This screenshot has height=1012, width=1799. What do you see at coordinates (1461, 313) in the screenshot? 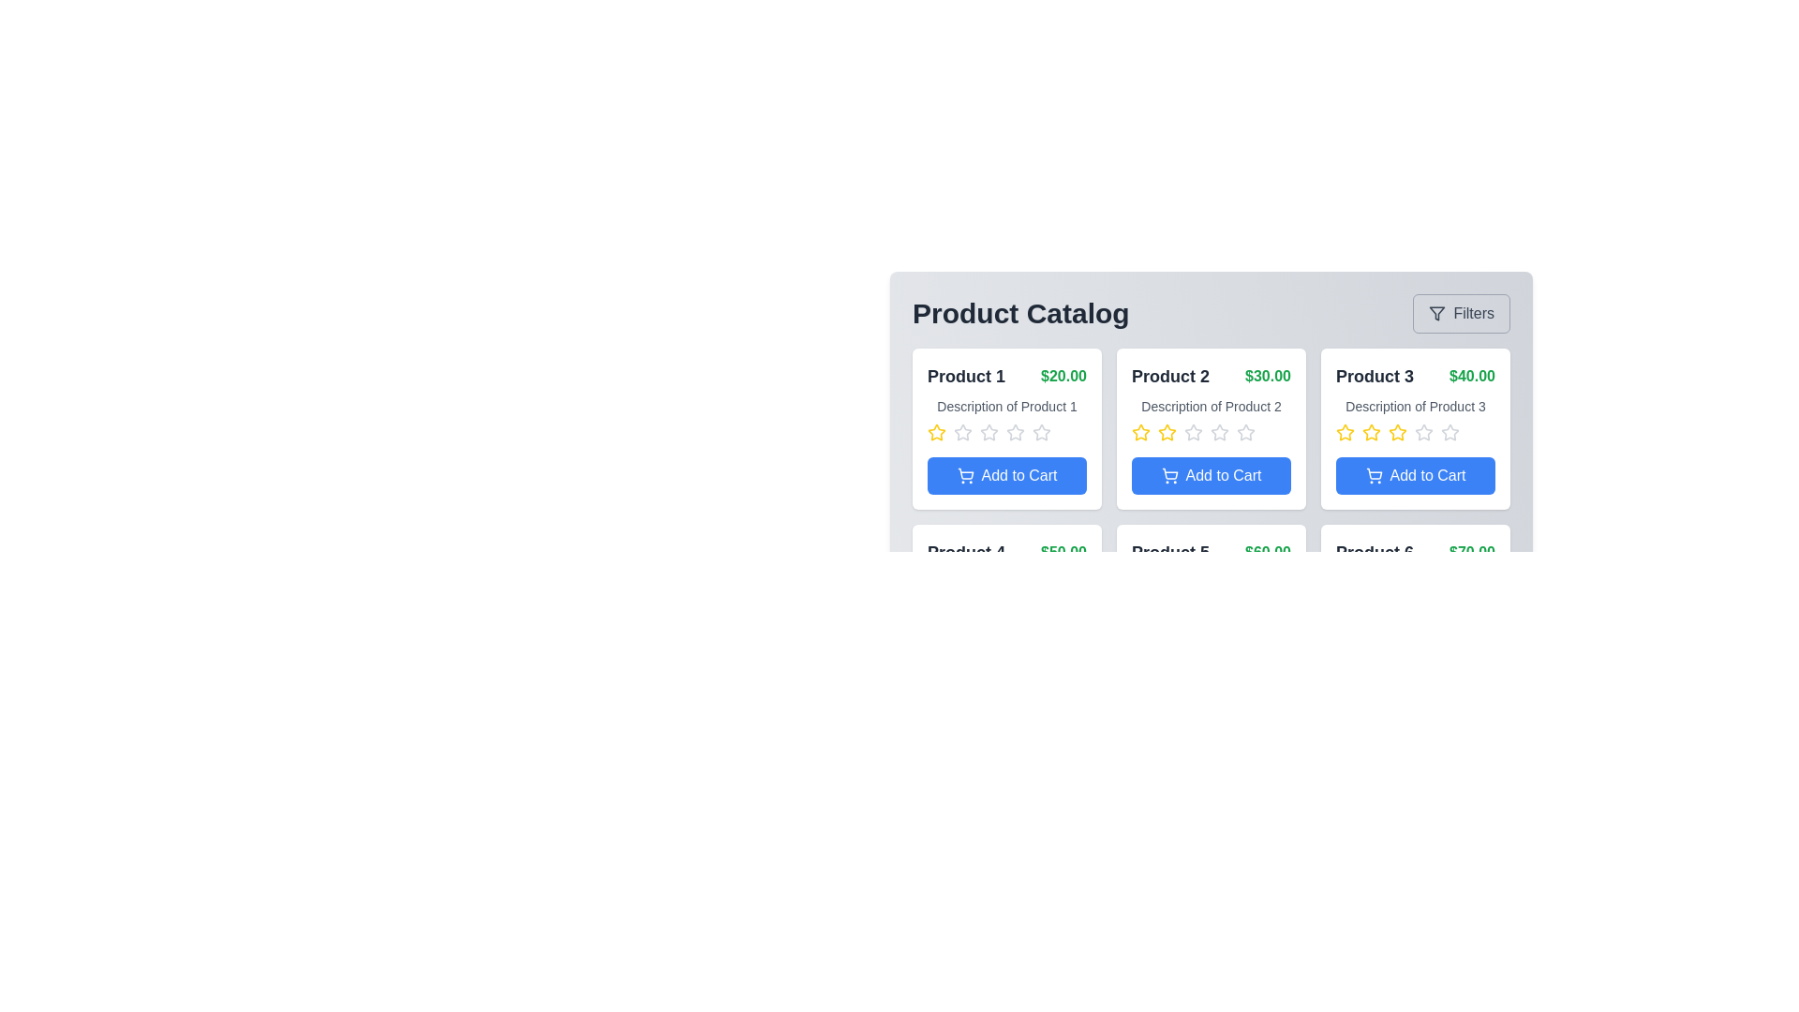
I see `the 'Filters' button to open or adjust filtering options` at bounding box center [1461, 313].